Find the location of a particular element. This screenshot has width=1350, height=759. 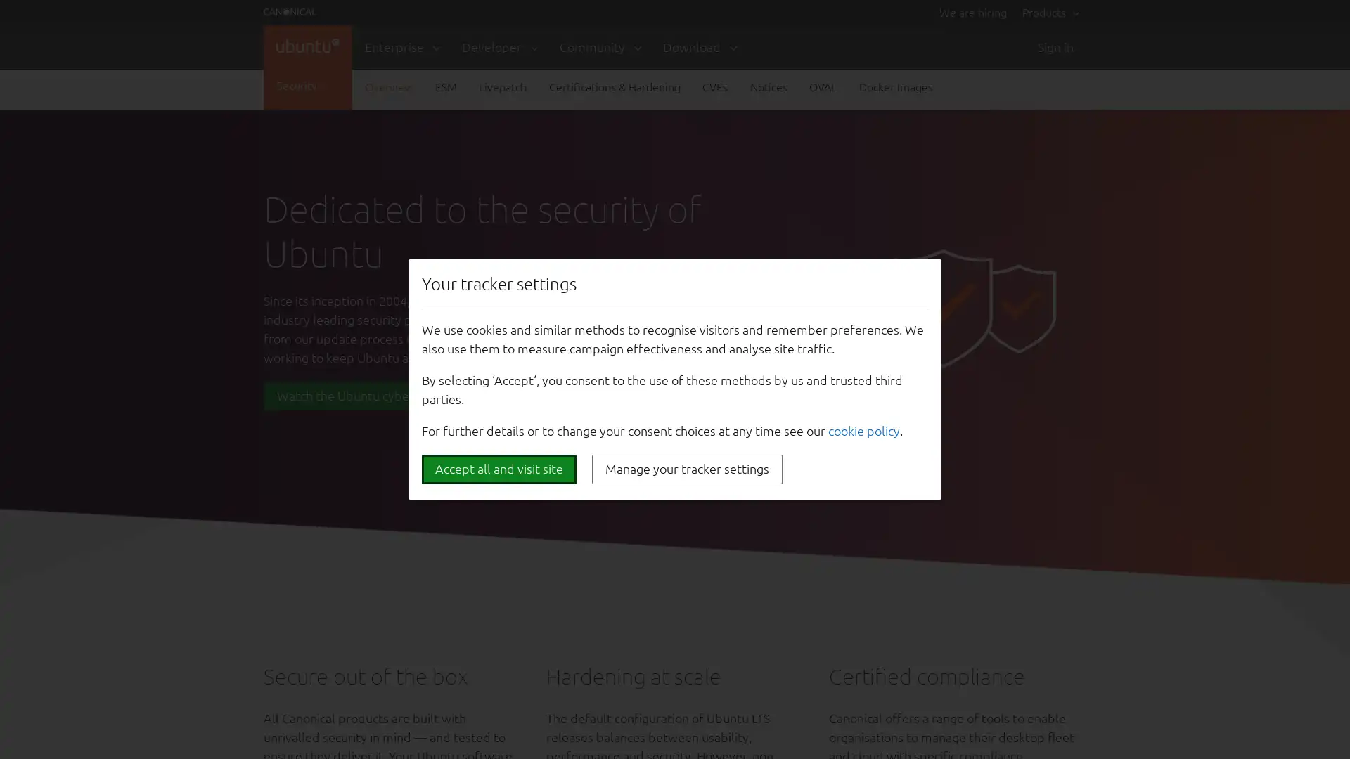

Manage your tracker settings is located at coordinates (687, 469).